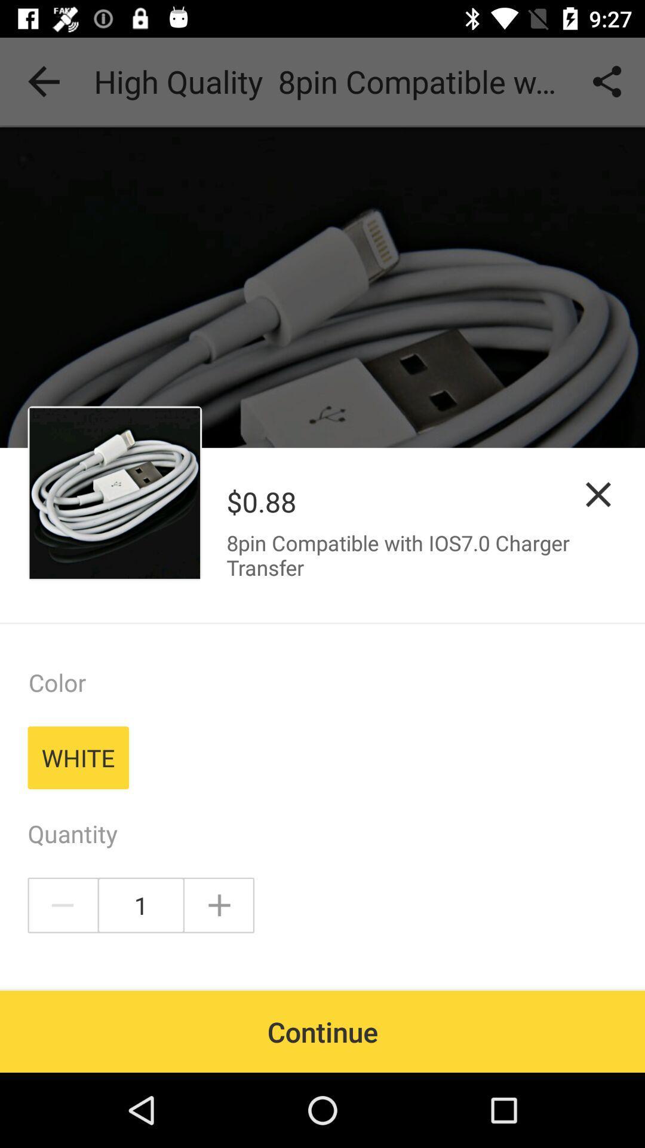  Describe the element at coordinates (598, 494) in the screenshot. I see `exit out` at that location.